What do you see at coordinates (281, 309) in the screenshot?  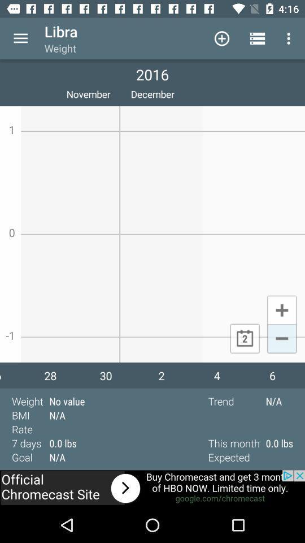 I see `things` at bounding box center [281, 309].